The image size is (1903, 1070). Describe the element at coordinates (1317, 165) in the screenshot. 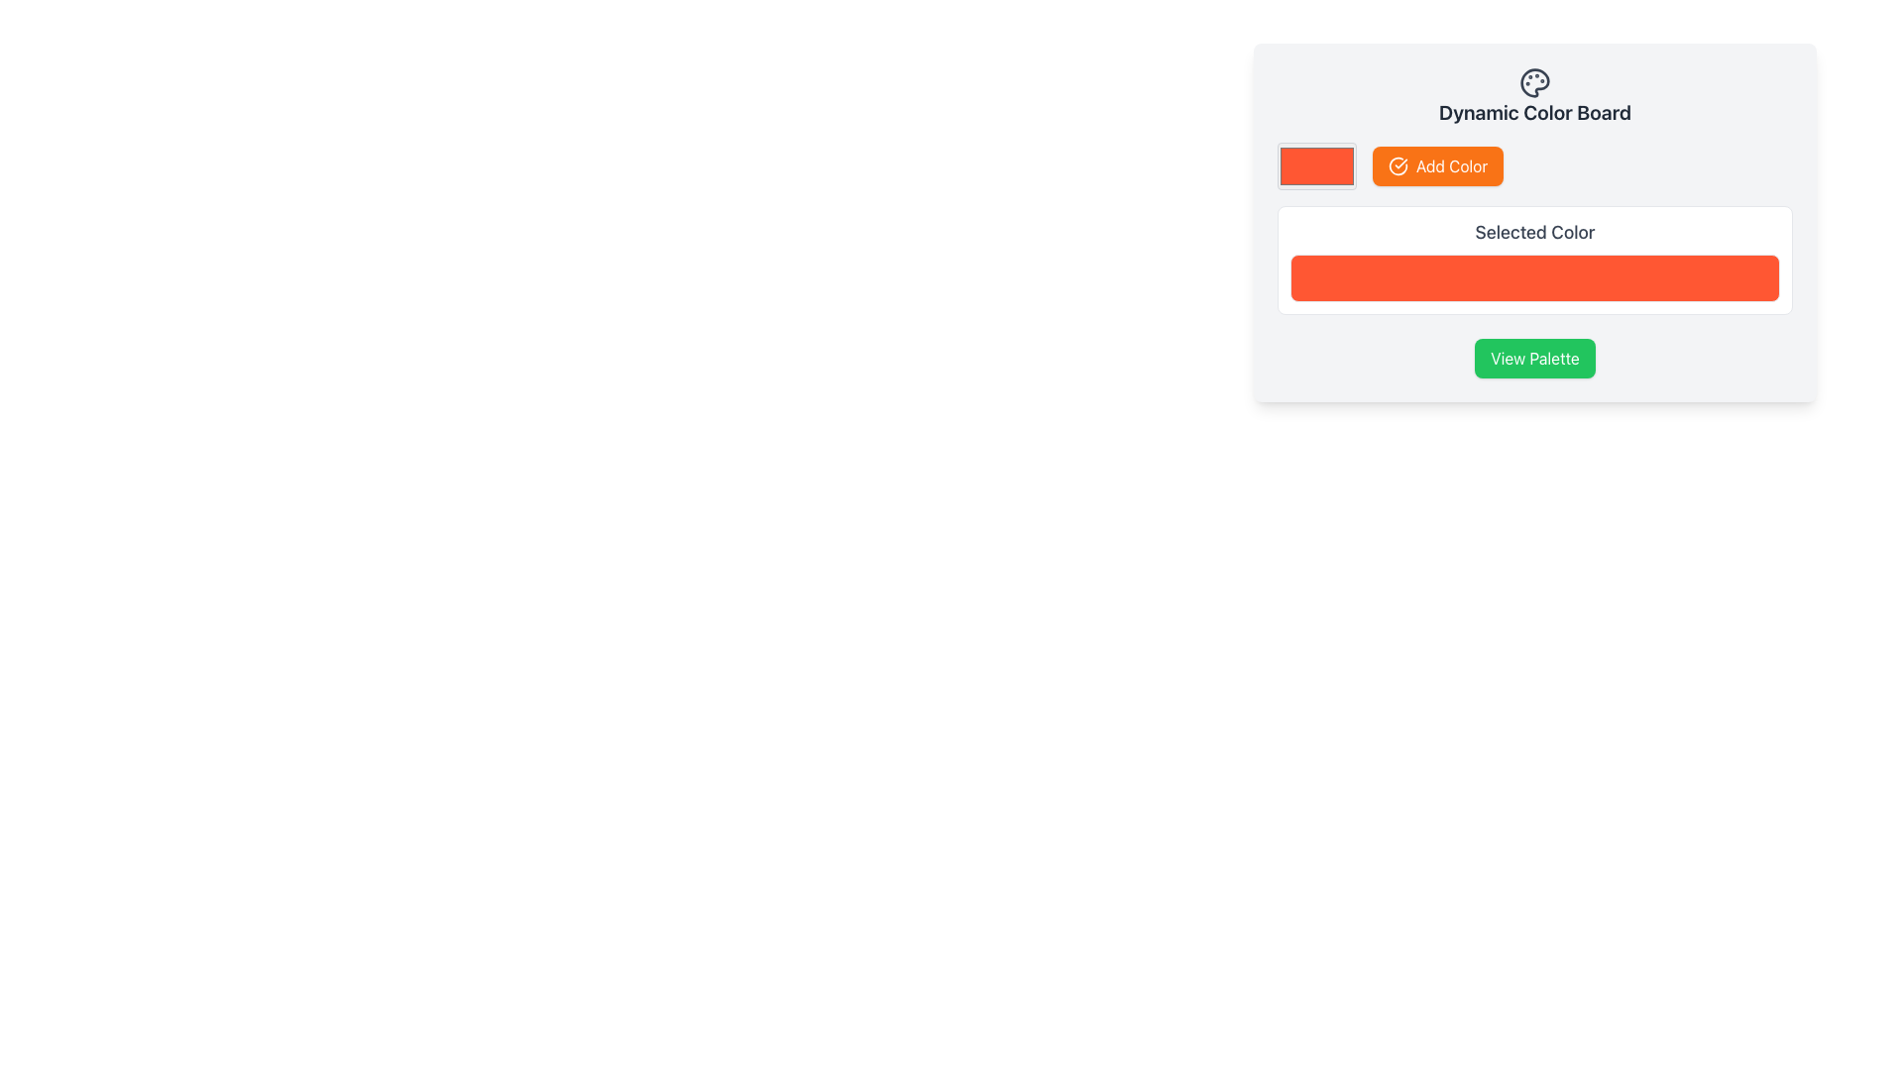

I see `the rectangular color picker input with a gray border and orange filling` at that location.